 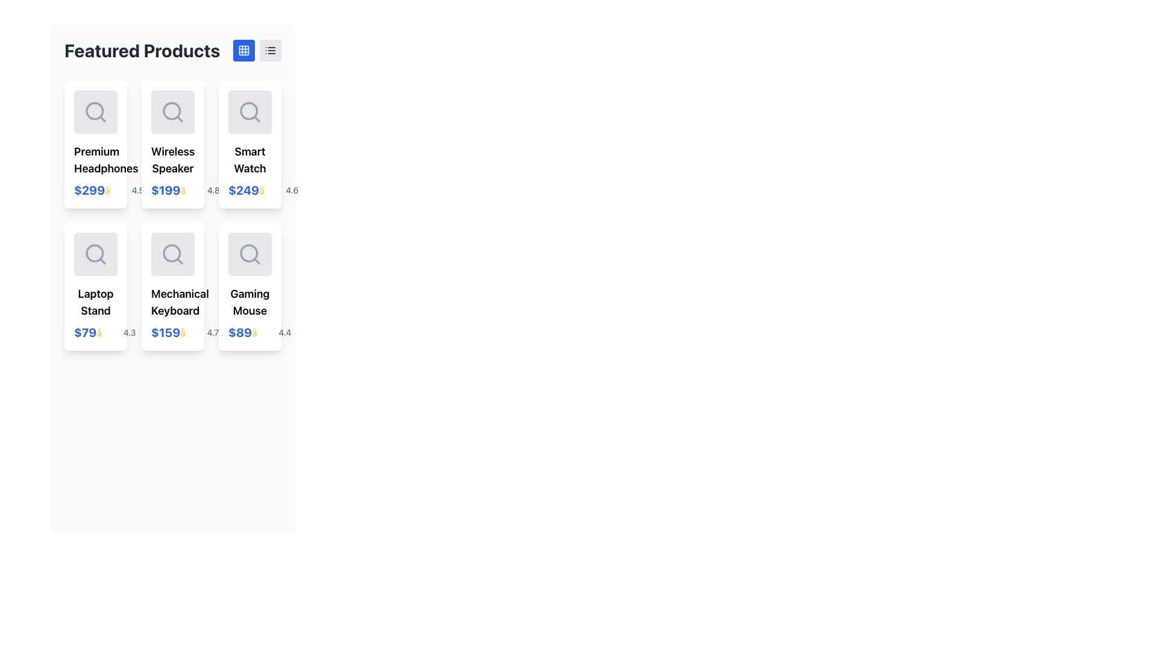 I want to click on the text component displaying 'Wireless Speaker', which is bold and larger, located in the second column of the first row in a grid layout of featured products, above pricing and rating indicators, so click(x=172, y=160).